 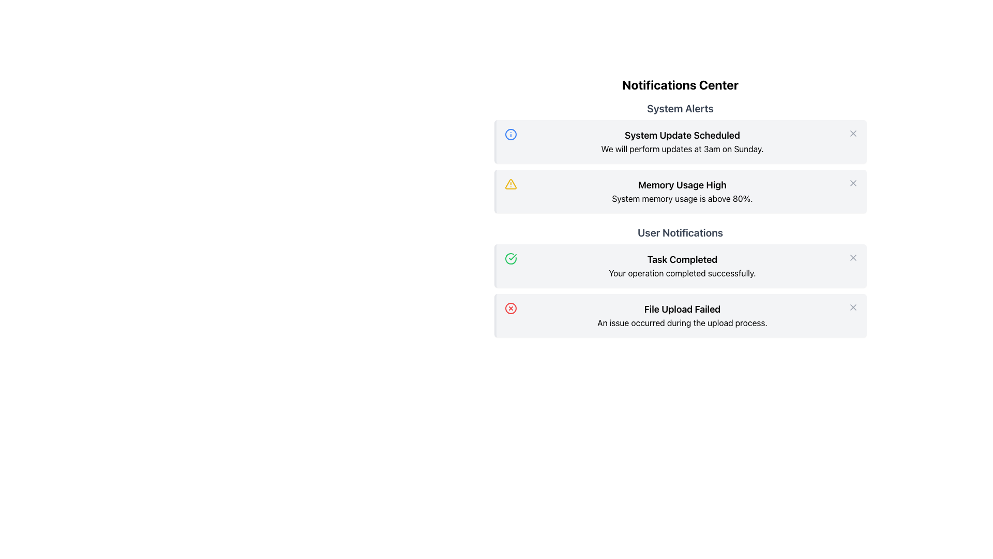 What do you see at coordinates (682, 185) in the screenshot?
I see `the text label that displays 'Memory Usage High', which is styled in bold black font and located in the middle section under 'System Alerts'` at bounding box center [682, 185].